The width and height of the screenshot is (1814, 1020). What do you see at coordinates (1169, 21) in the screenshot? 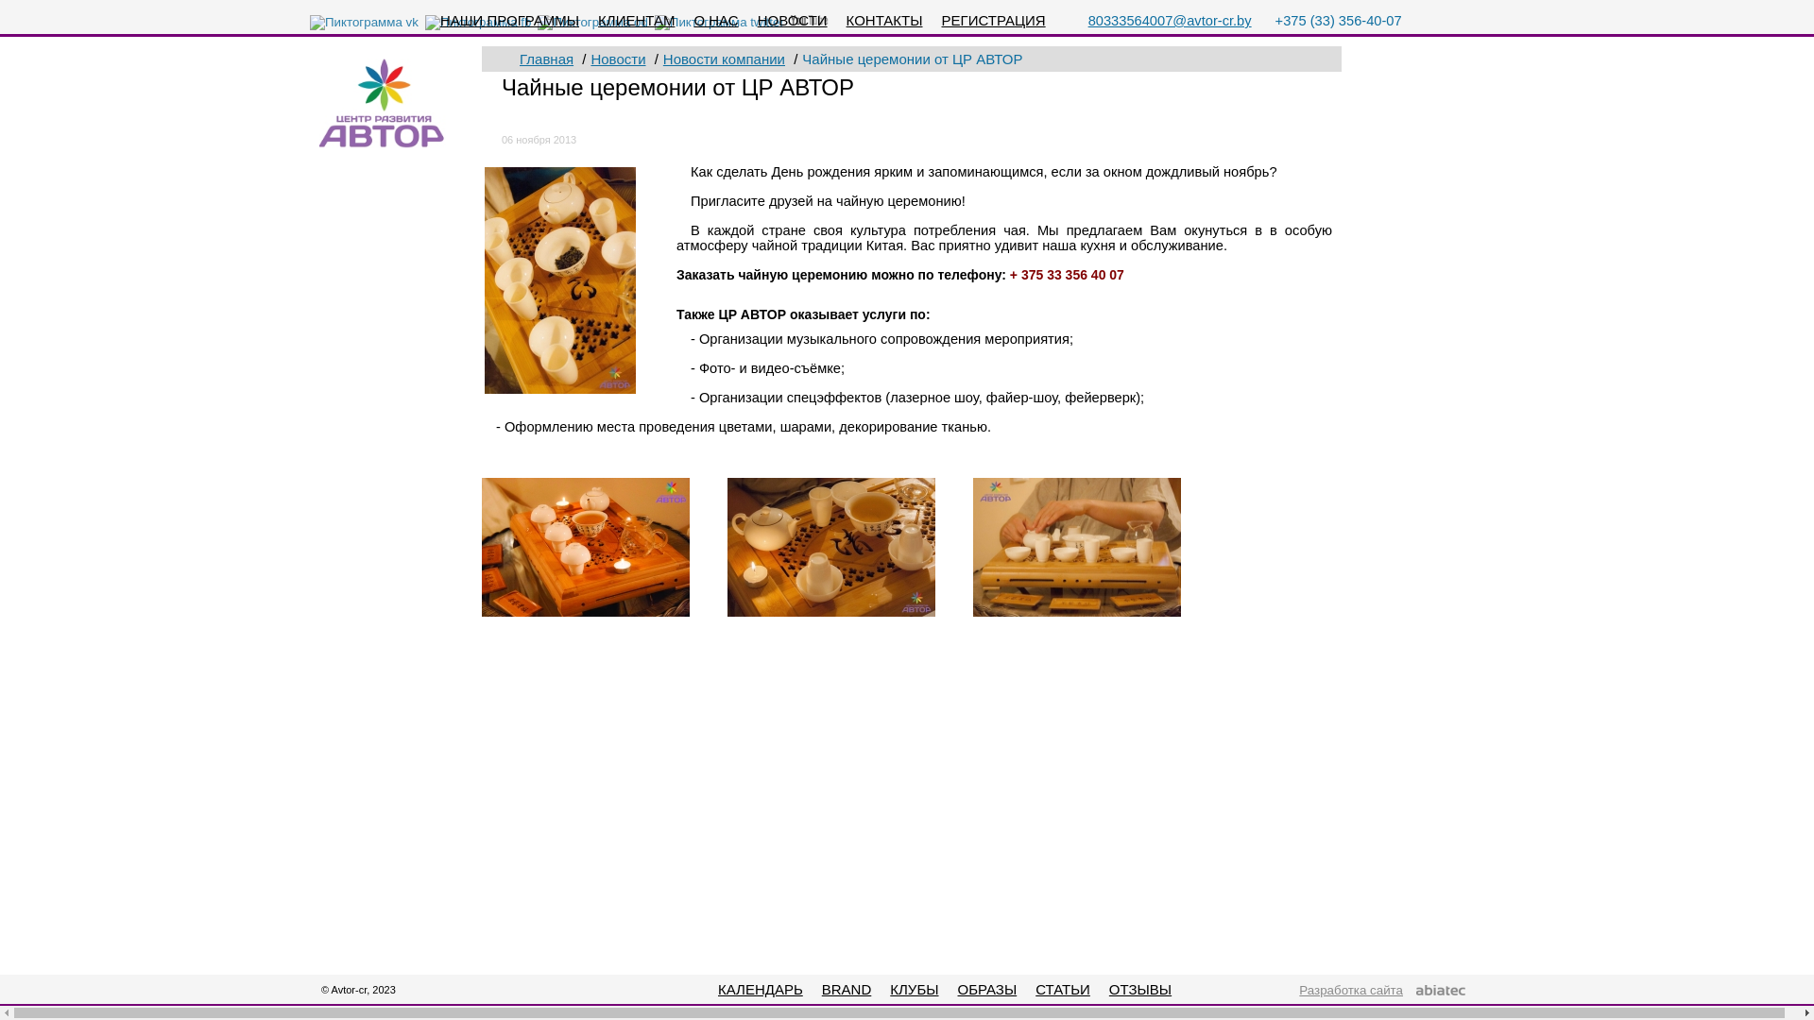
I see `'80333564007@avtor-cr.by'` at bounding box center [1169, 21].